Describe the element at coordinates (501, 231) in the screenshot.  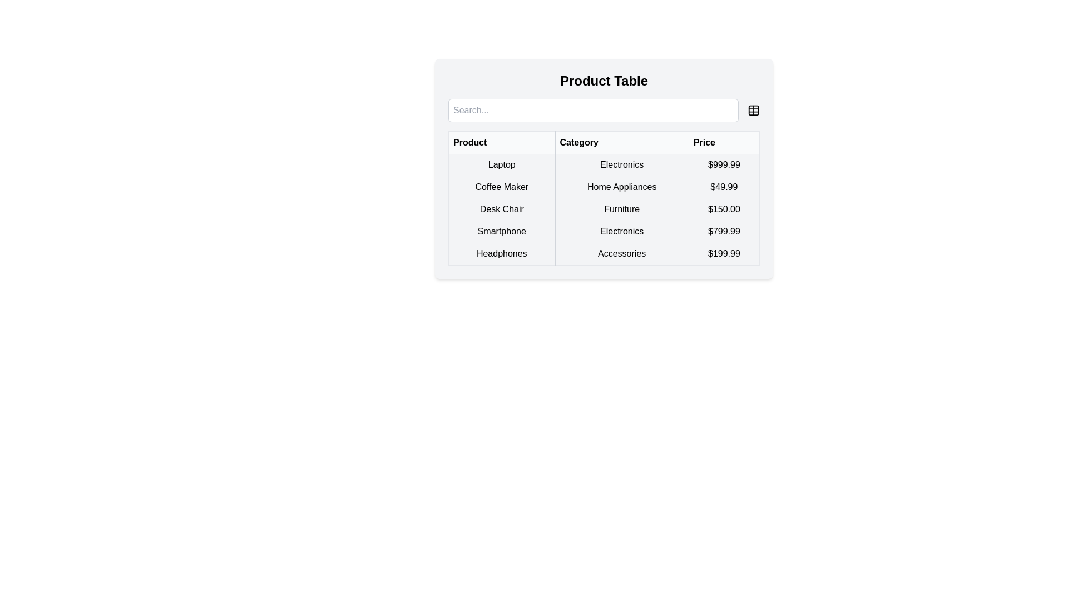
I see `the 'Smartphone' text label in the 'Product' column of the table, located in the fourth row` at that location.